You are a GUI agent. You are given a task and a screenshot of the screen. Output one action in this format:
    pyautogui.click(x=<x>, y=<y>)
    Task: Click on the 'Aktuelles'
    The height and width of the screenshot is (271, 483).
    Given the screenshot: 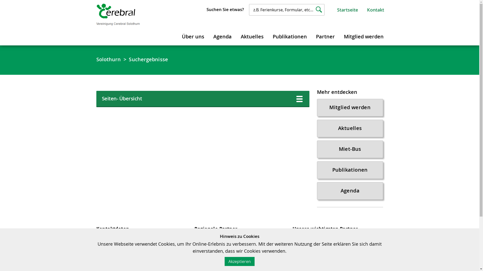 What is the action you would take?
    pyautogui.click(x=350, y=128)
    